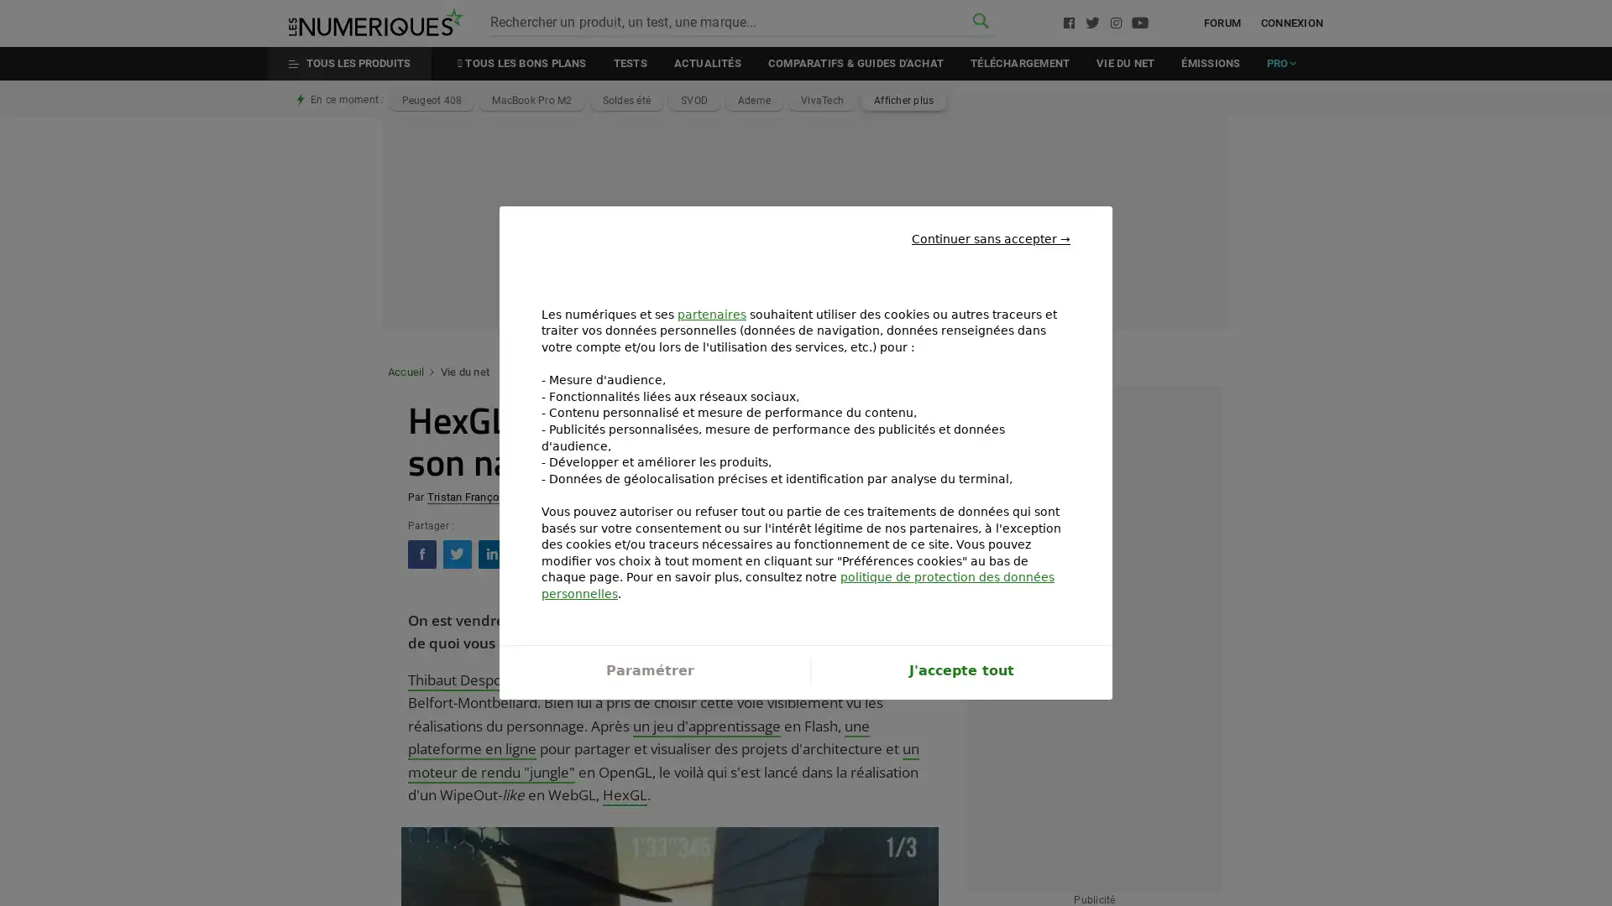 This screenshot has width=1612, height=906. I want to click on Accepter notre traitement des donnees et fermer, so click(960, 684).